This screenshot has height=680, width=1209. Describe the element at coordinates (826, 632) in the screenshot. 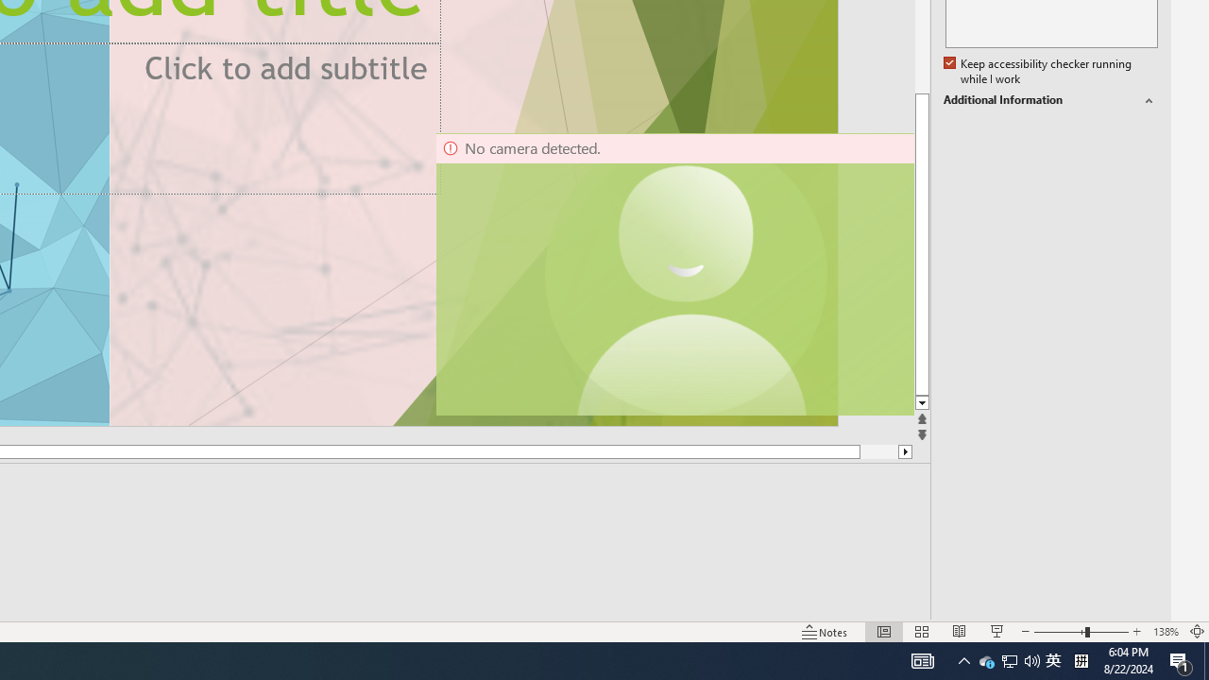

I see `'Notes '` at that location.